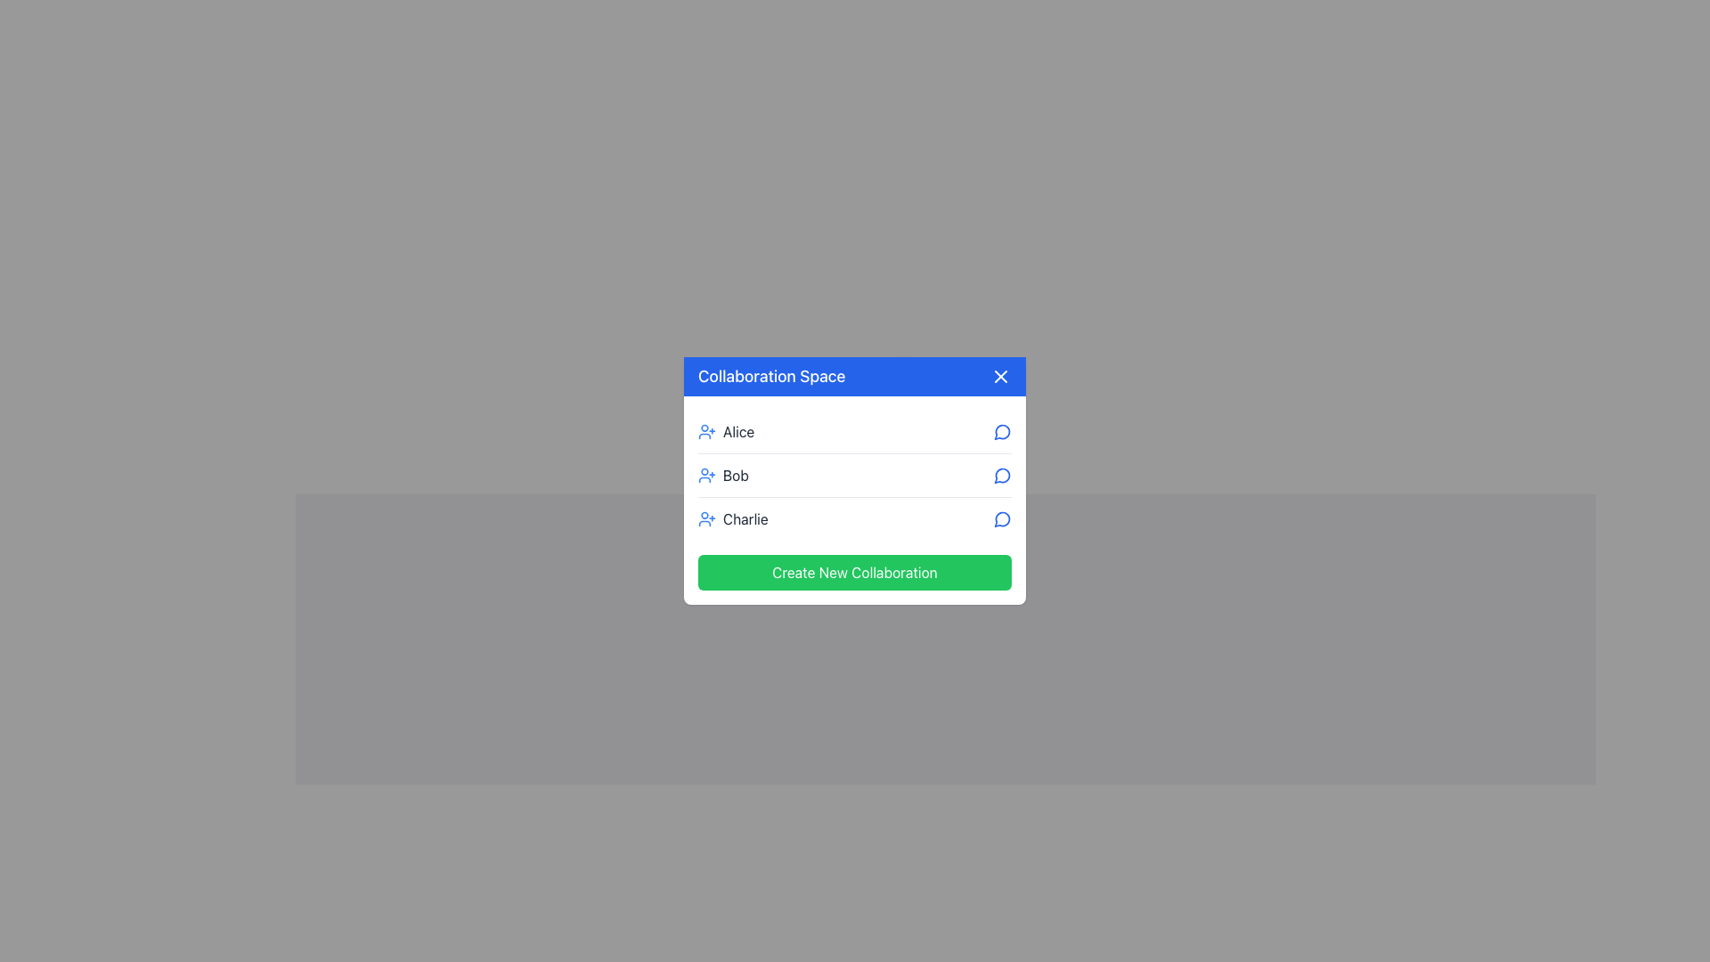 This screenshot has width=1710, height=962. Describe the element at coordinates (1003, 518) in the screenshot. I see `the Icon Button that initiates a chat with 'Charlie', located in the far-right area of the row associated with 'Charlie'` at that location.